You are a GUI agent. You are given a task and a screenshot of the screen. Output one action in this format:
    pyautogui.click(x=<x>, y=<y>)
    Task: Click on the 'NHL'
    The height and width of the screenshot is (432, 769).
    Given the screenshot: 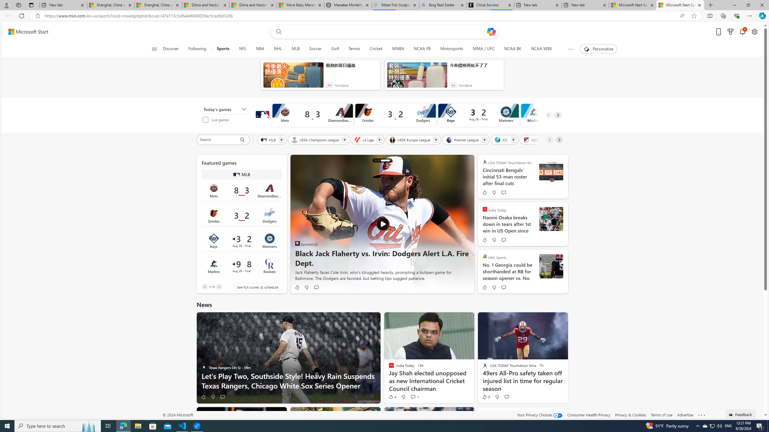 What is the action you would take?
    pyautogui.click(x=278, y=49)
    